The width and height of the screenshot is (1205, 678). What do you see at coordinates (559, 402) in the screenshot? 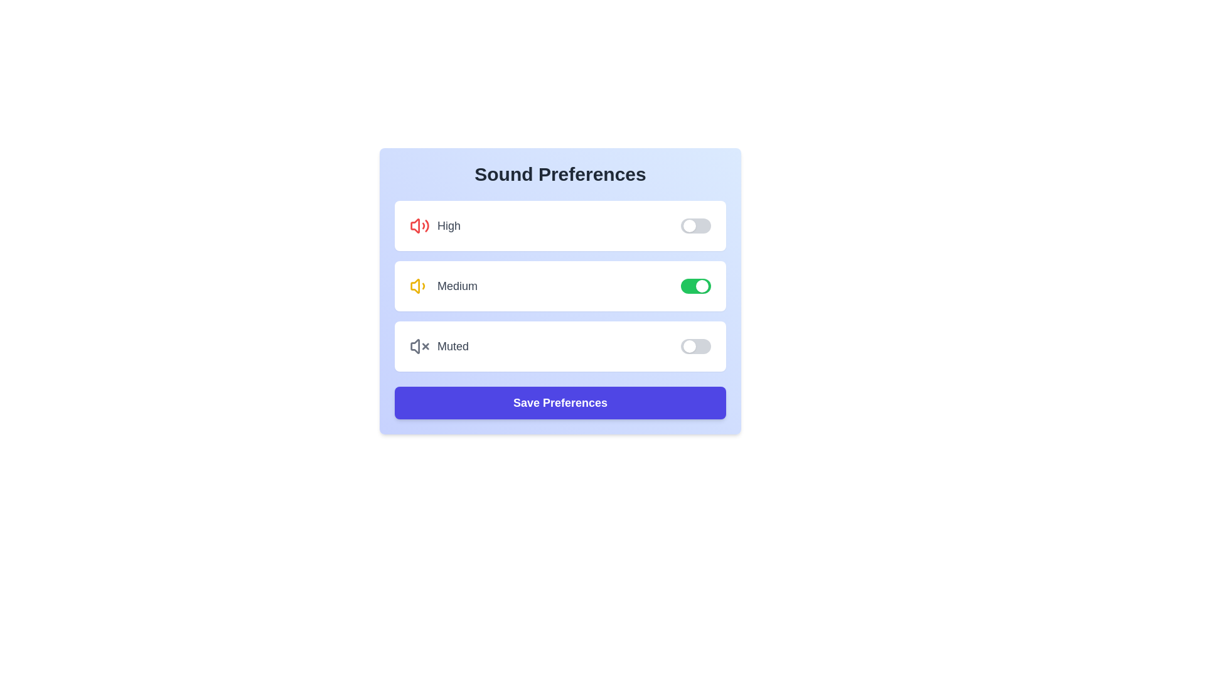
I see `the 'Save Preferences' button to save the current sound preferences` at bounding box center [559, 402].